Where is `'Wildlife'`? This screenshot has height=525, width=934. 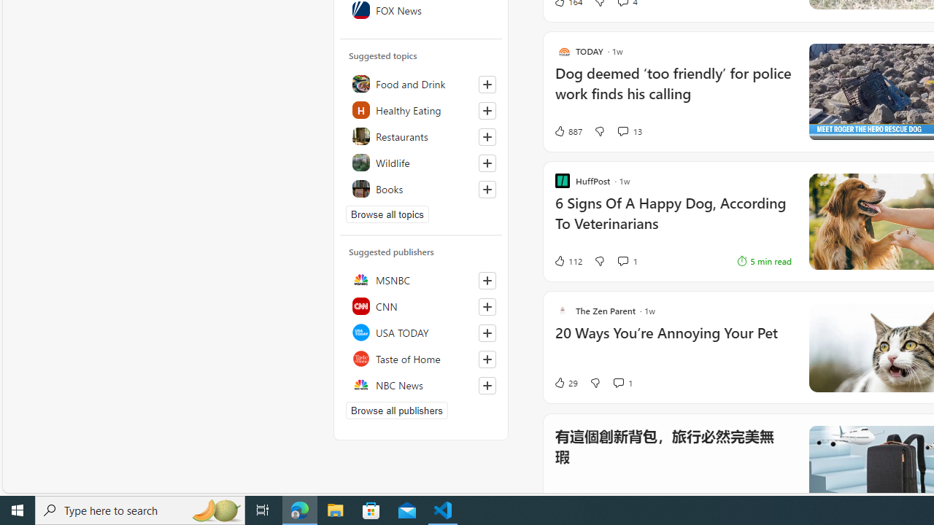 'Wildlife' is located at coordinates (420, 162).